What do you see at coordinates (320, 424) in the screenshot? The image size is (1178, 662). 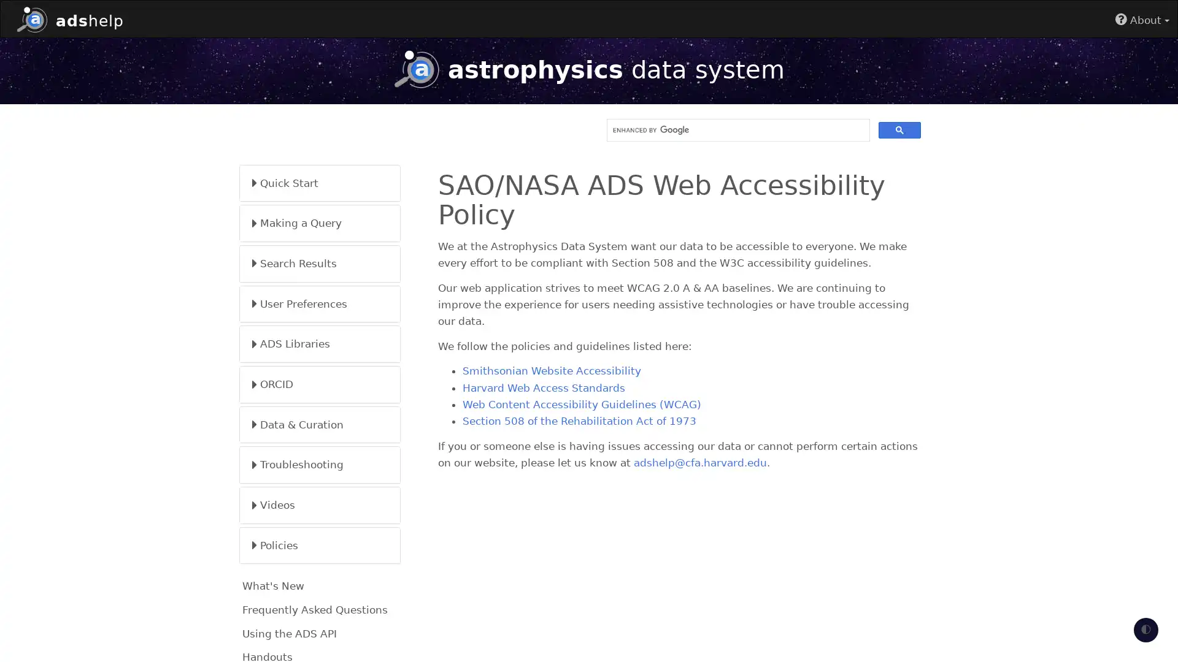 I see `Data & Curation` at bounding box center [320, 424].